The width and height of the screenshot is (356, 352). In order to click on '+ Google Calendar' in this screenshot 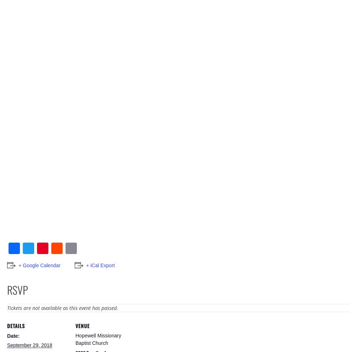, I will do `click(39, 264)`.